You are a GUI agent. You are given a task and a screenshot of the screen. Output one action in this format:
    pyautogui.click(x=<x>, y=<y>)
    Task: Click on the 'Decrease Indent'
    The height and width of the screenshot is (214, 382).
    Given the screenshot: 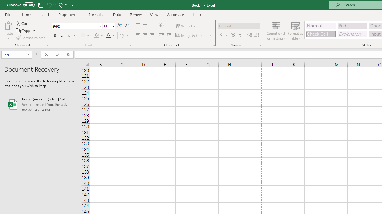 What is the action you would take?
    pyautogui.click(x=161, y=35)
    